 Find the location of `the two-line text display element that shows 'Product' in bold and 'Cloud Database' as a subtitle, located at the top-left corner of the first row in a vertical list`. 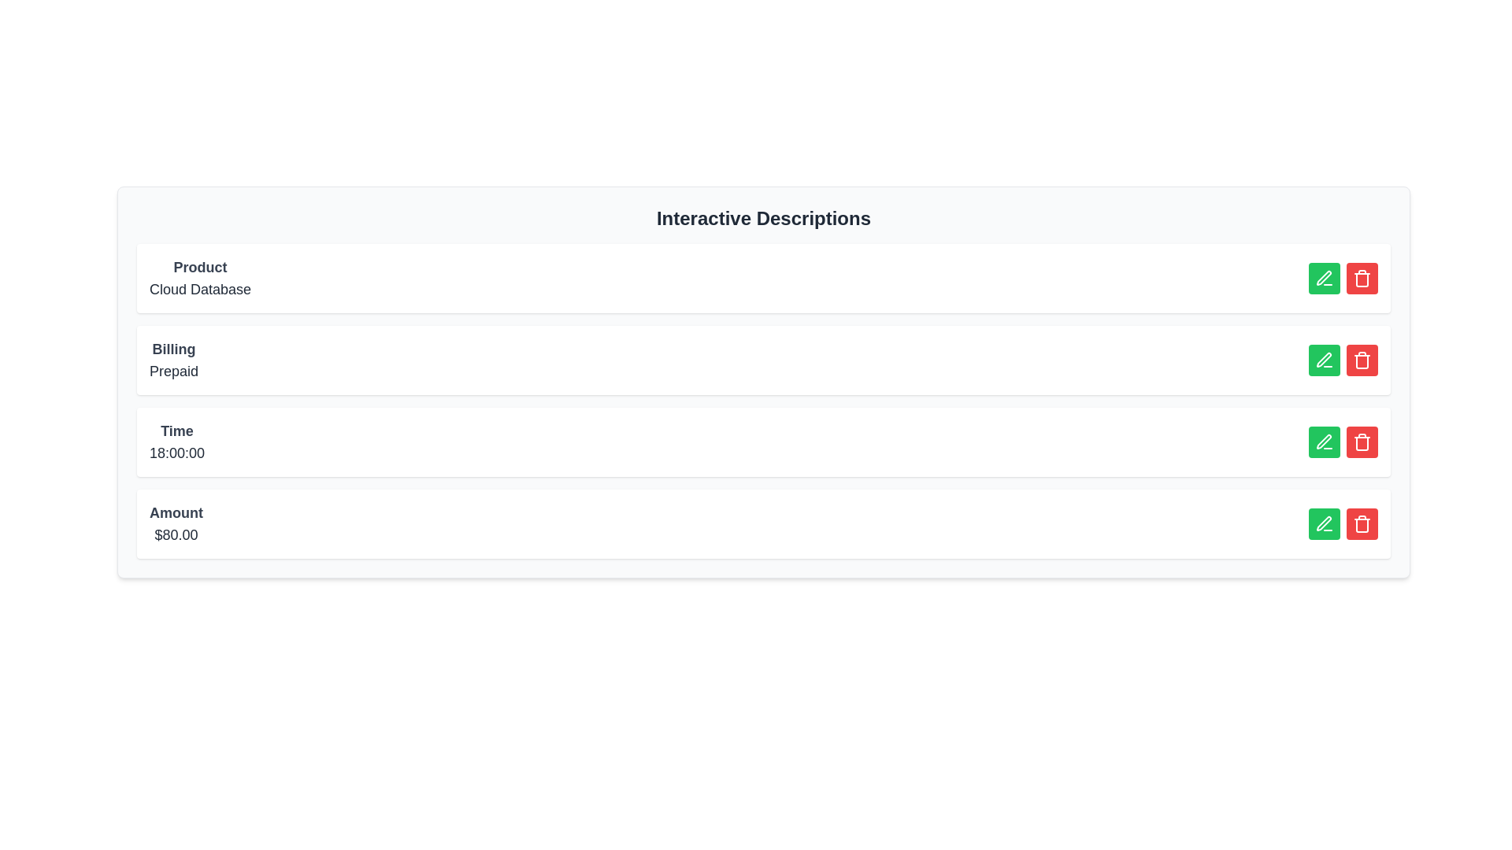

the two-line text display element that shows 'Product' in bold and 'Cloud Database' as a subtitle, located at the top-left corner of the first row in a vertical list is located at coordinates (199, 278).